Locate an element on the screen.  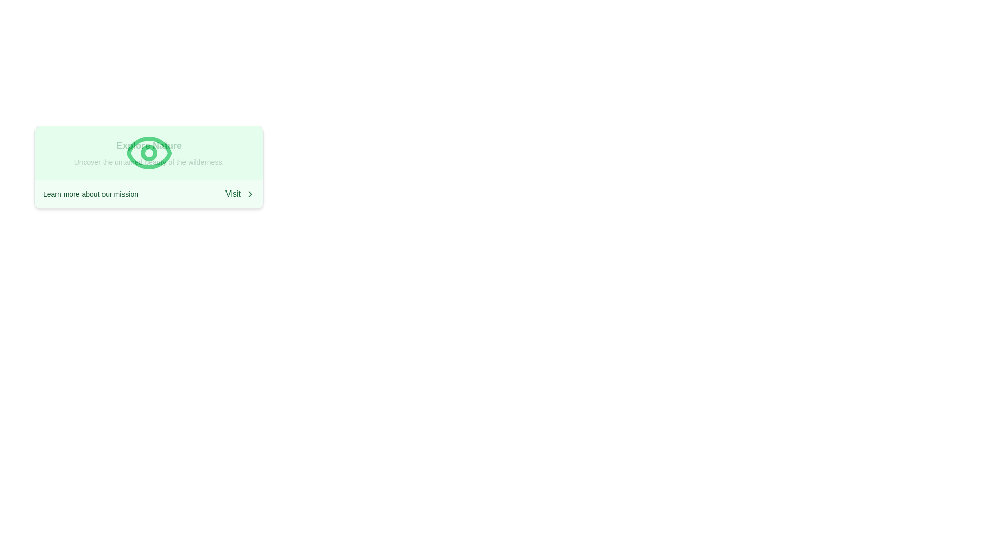
the 'Explore Nature' text block with a light green background and an eye-shaped icon located at the center of the card's upper section is located at coordinates (149, 153).